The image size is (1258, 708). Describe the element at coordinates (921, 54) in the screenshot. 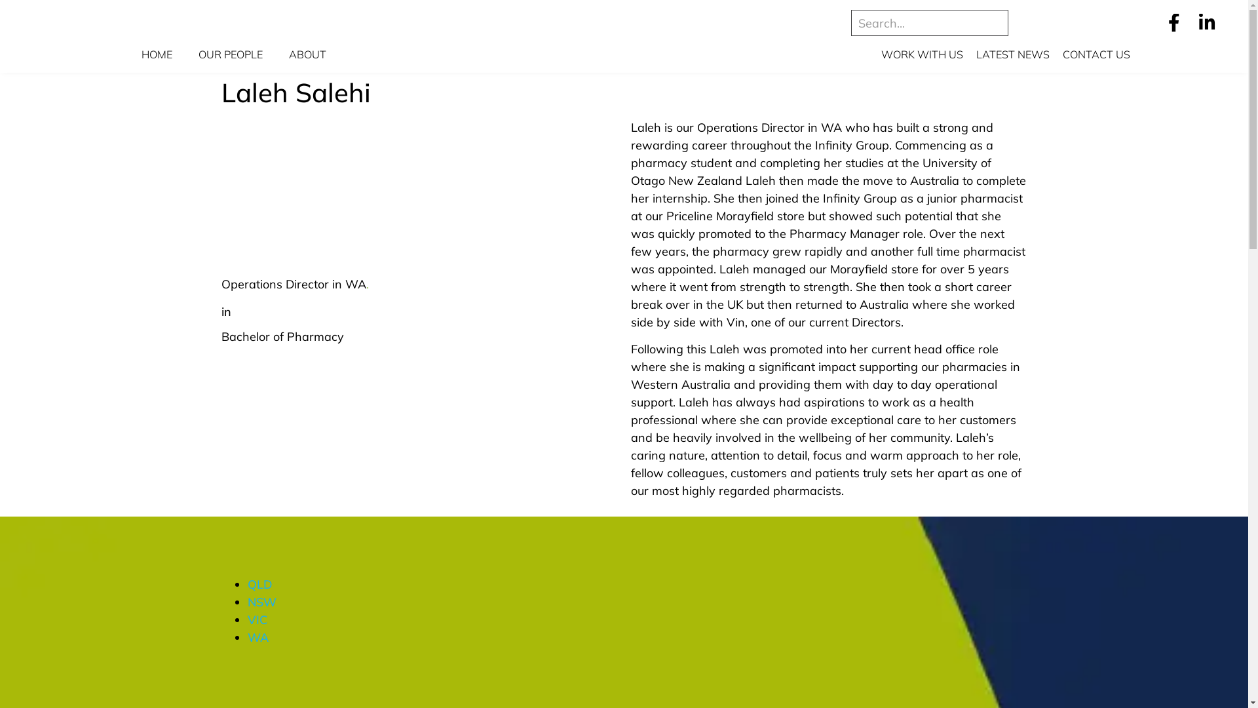

I see `'WORK WITH US'` at that location.